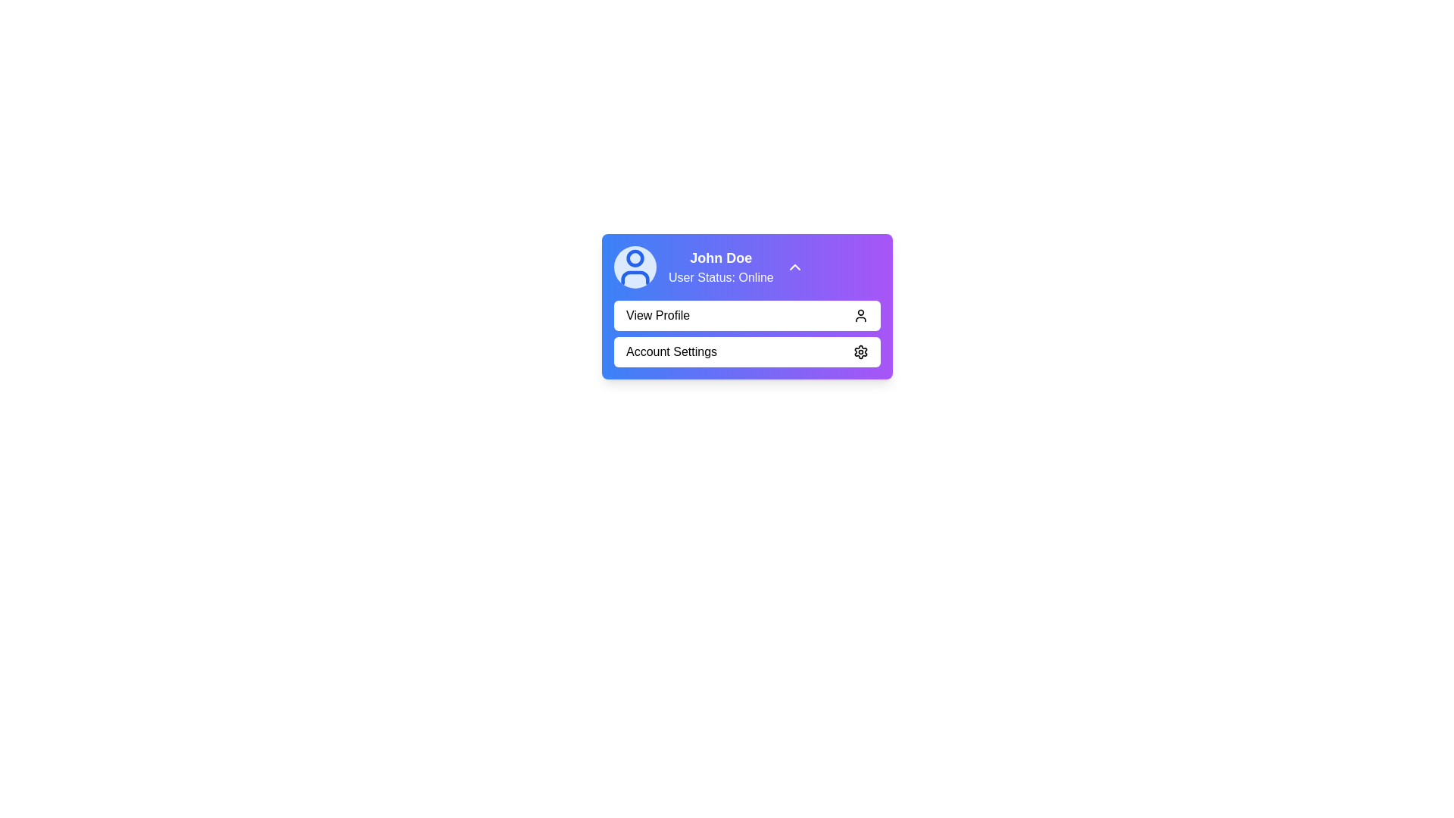 The width and height of the screenshot is (1454, 818). What do you see at coordinates (861, 352) in the screenshot?
I see `the settings icon, which is an SVG-based button located to the right of the 'Account Settings' text` at bounding box center [861, 352].